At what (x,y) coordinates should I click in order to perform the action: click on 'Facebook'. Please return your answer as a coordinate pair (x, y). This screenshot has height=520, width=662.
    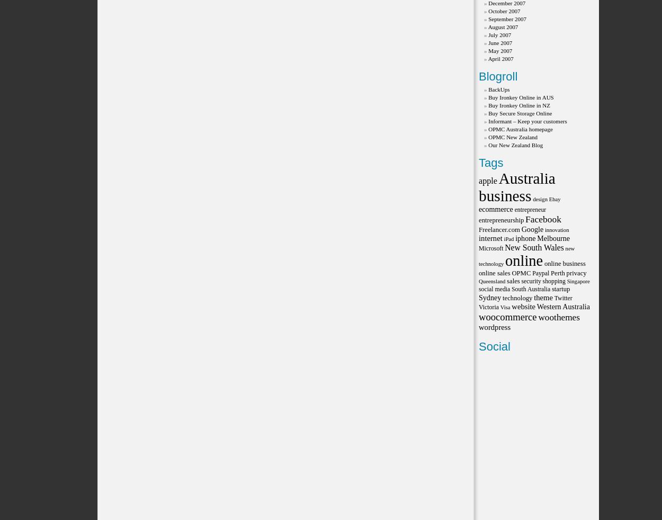
    Looking at the image, I should click on (543, 219).